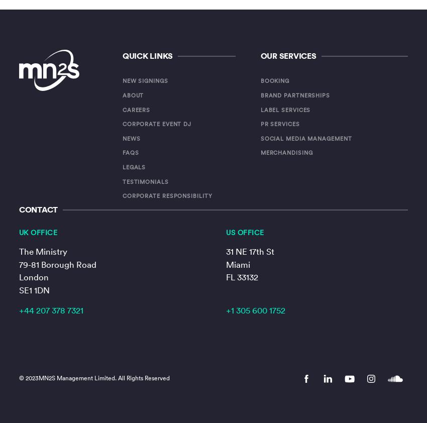 This screenshot has height=423, width=427. I want to click on 'Social Media Management', so click(305, 138).